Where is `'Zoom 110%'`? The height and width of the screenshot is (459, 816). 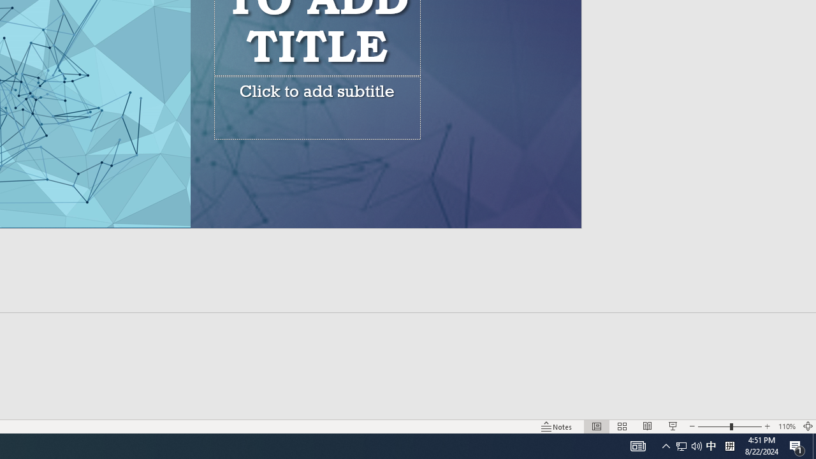
'Zoom 110%' is located at coordinates (786, 426).